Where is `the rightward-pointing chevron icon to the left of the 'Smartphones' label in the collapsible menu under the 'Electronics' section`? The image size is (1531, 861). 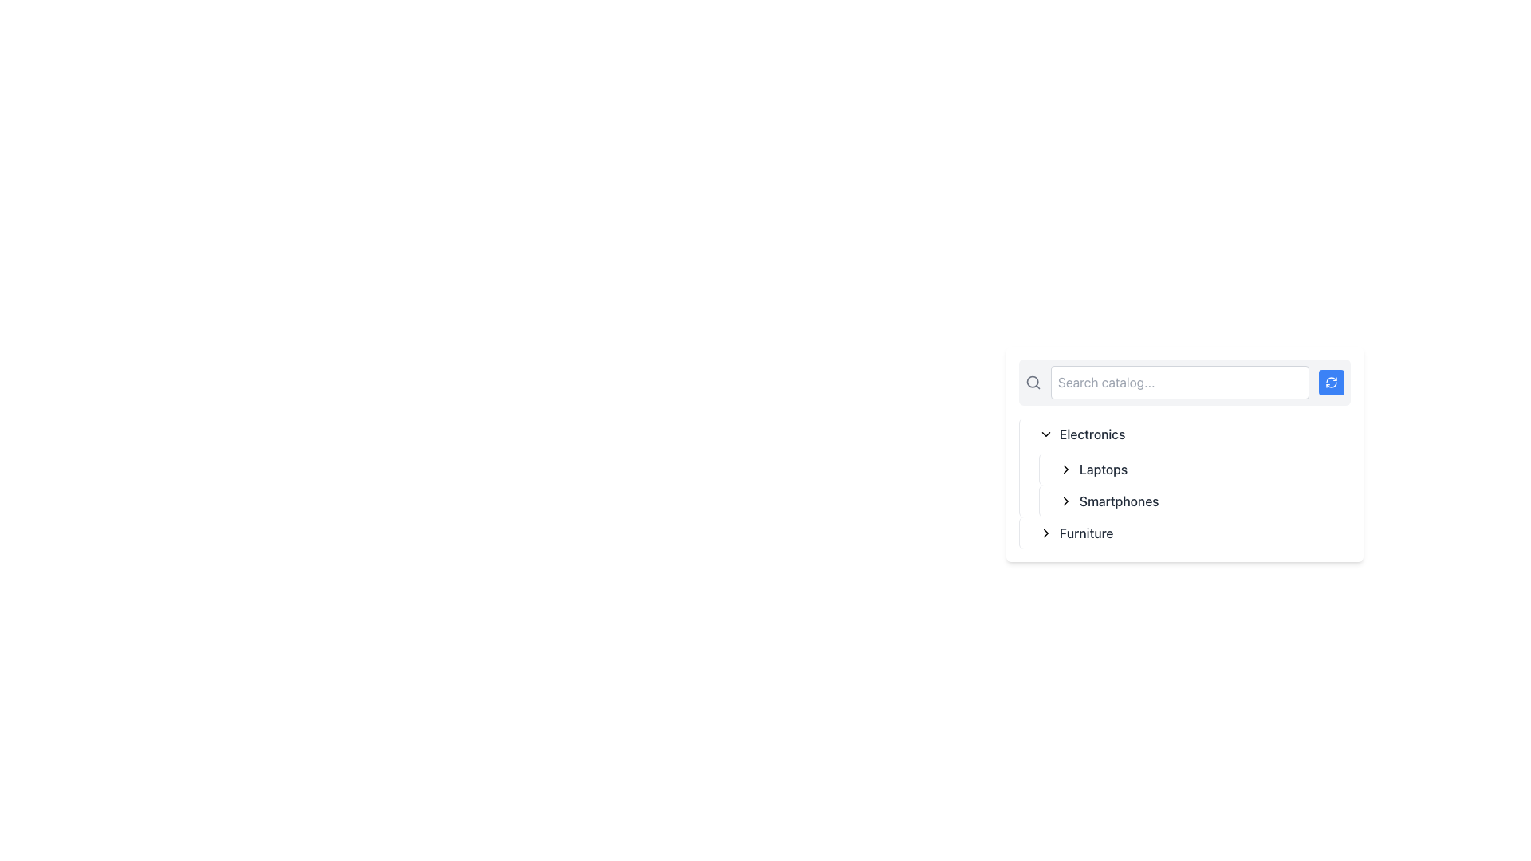 the rightward-pointing chevron icon to the left of the 'Smartphones' label in the collapsible menu under the 'Electronics' section is located at coordinates (1066, 500).